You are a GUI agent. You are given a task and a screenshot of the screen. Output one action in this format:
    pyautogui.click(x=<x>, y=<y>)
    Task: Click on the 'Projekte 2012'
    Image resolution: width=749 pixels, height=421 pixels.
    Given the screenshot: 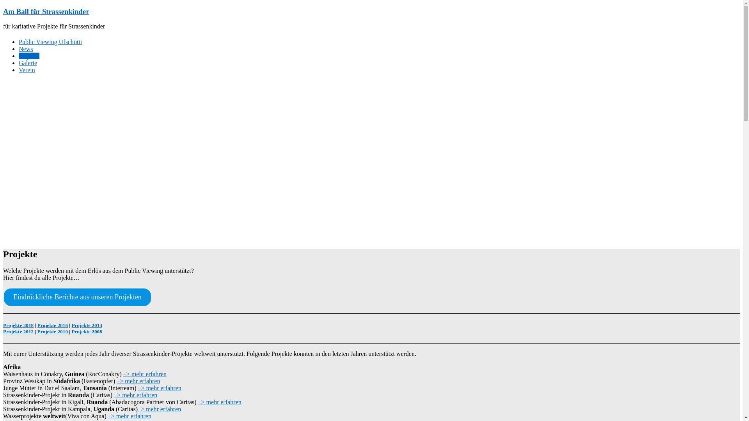 What is the action you would take?
    pyautogui.click(x=18, y=331)
    